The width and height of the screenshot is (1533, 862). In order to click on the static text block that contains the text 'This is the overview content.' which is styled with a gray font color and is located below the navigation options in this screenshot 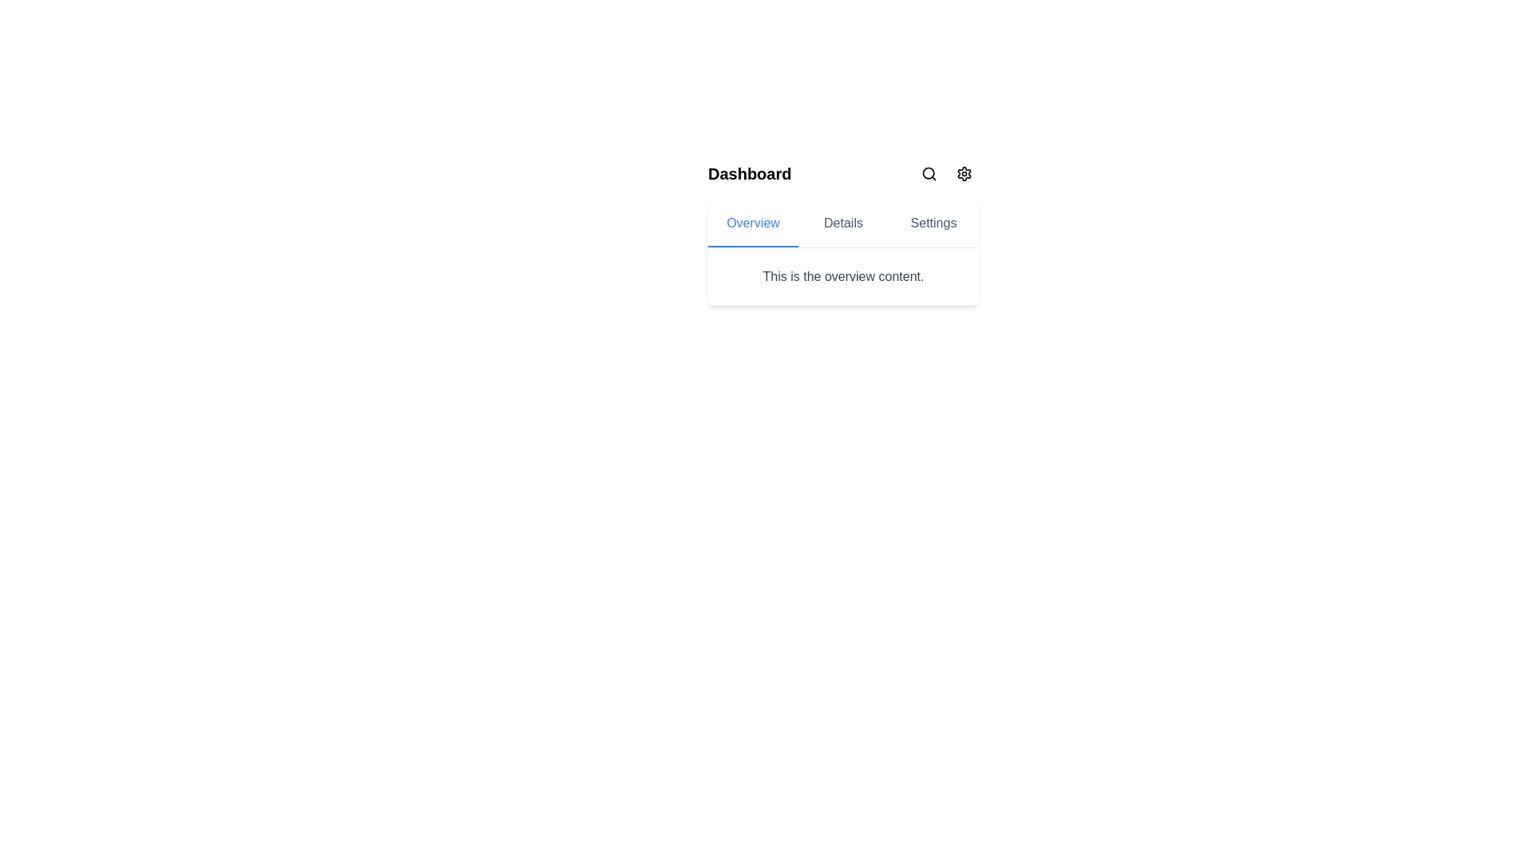, I will do `click(842, 276)`.